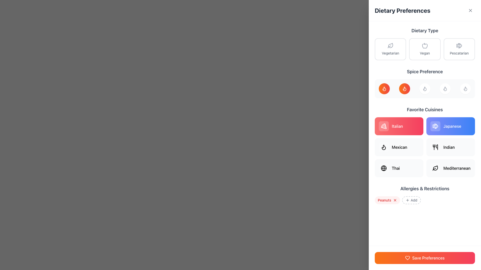 The width and height of the screenshot is (481, 270). Describe the element at coordinates (435, 168) in the screenshot. I see `the stylized leaf icon representing the 'Mediterranean' cuisine in the 'Favorite Cuisines' section` at that location.